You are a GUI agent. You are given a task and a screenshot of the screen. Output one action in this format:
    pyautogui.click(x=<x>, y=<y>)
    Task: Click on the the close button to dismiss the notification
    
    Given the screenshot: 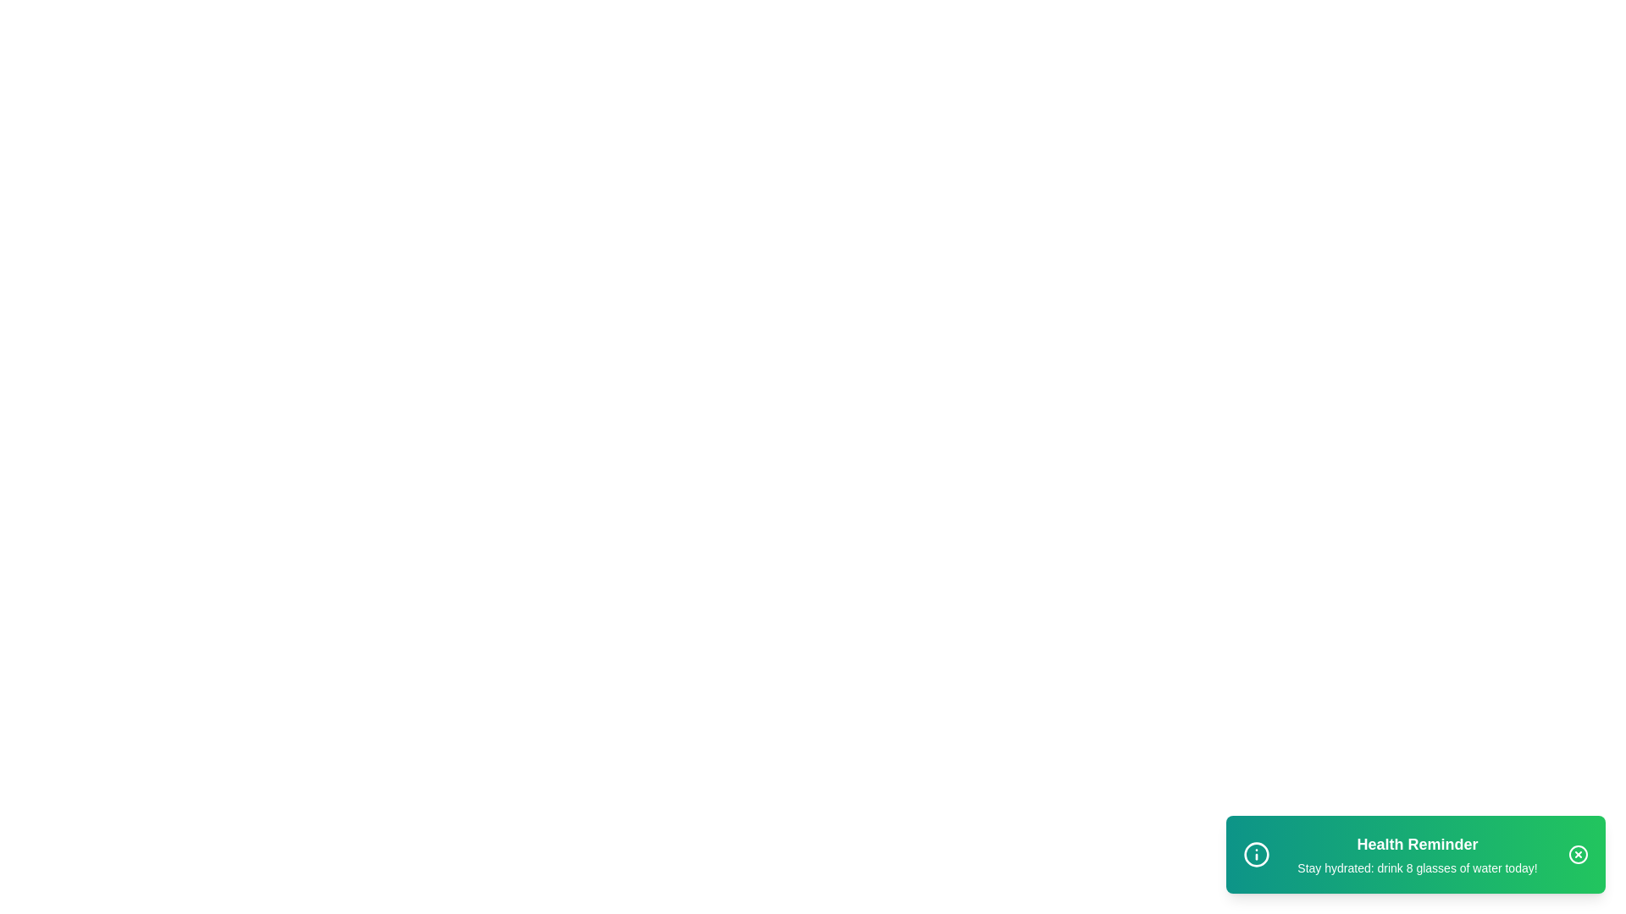 What is the action you would take?
    pyautogui.click(x=1577, y=855)
    